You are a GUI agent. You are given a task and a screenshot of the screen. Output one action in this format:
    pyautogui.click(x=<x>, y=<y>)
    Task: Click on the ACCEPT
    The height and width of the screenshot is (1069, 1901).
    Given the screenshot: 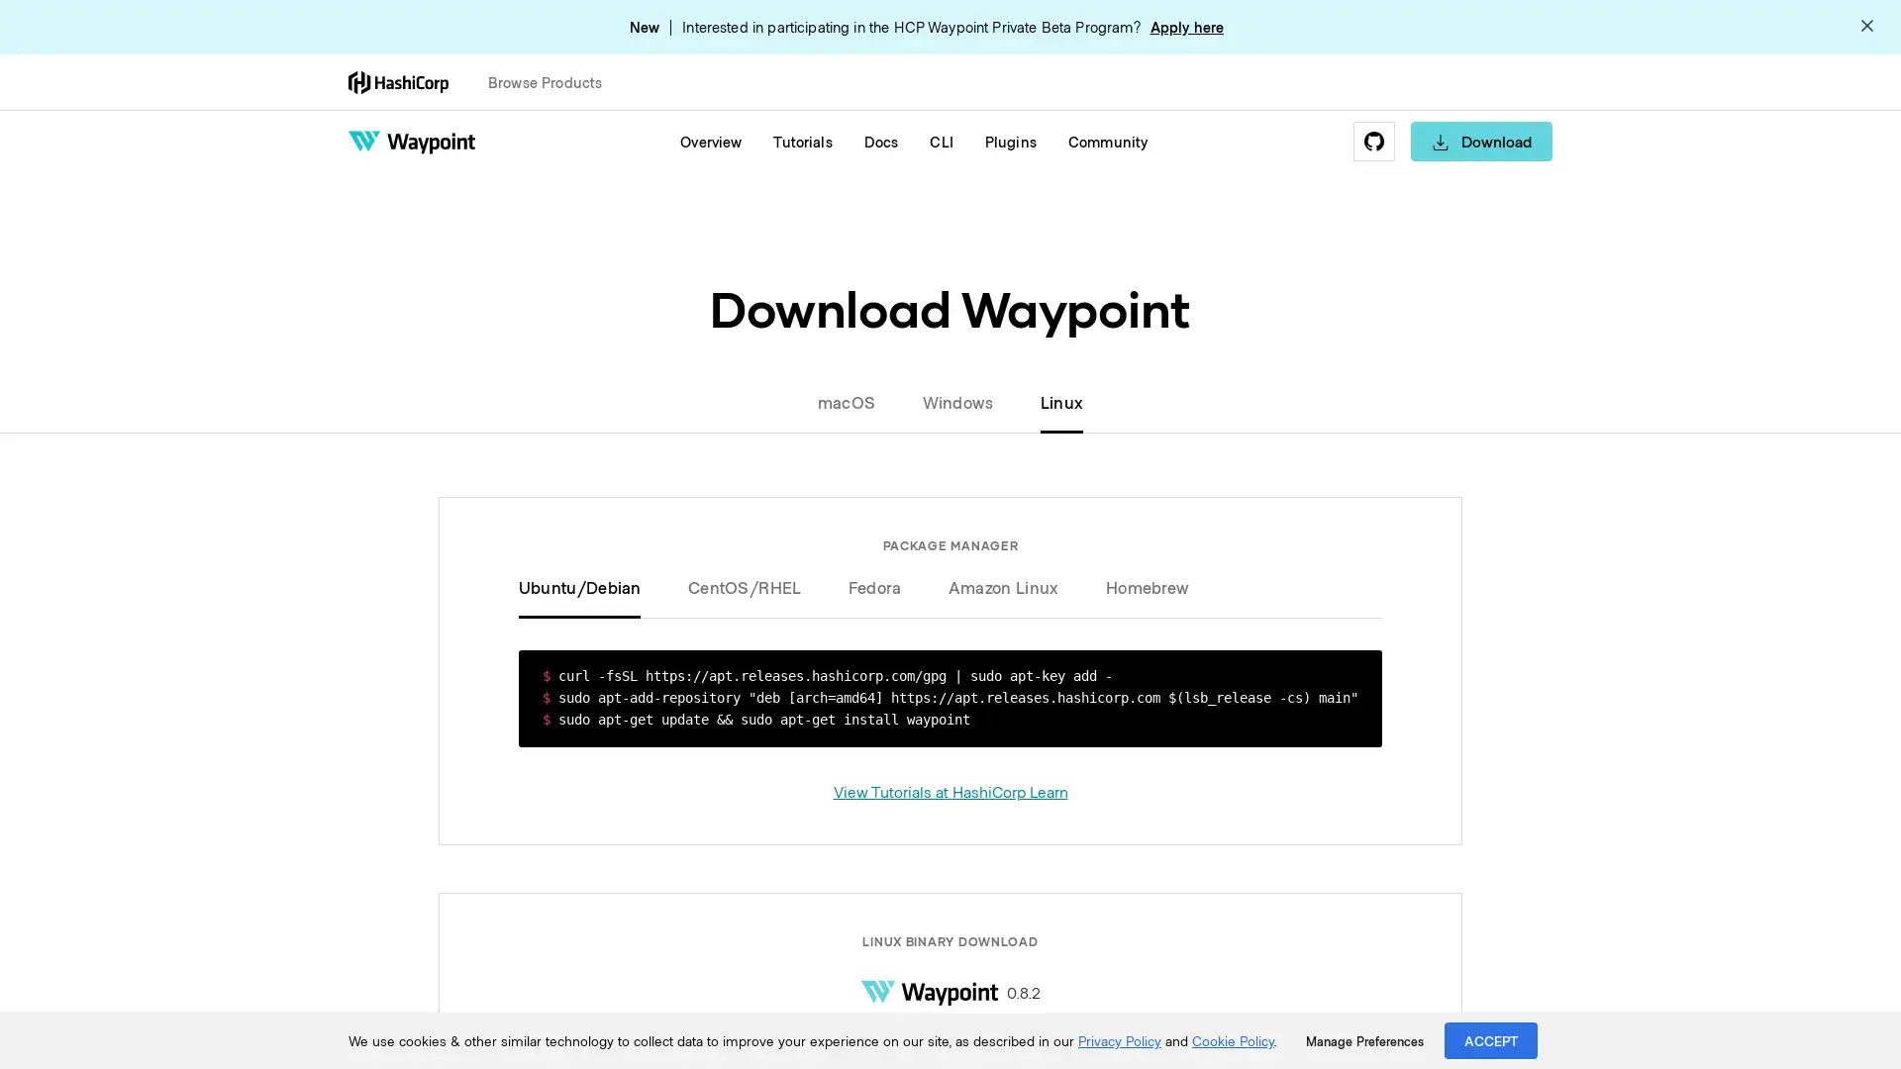 What is the action you would take?
    pyautogui.click(x=1491, y=1039)
    